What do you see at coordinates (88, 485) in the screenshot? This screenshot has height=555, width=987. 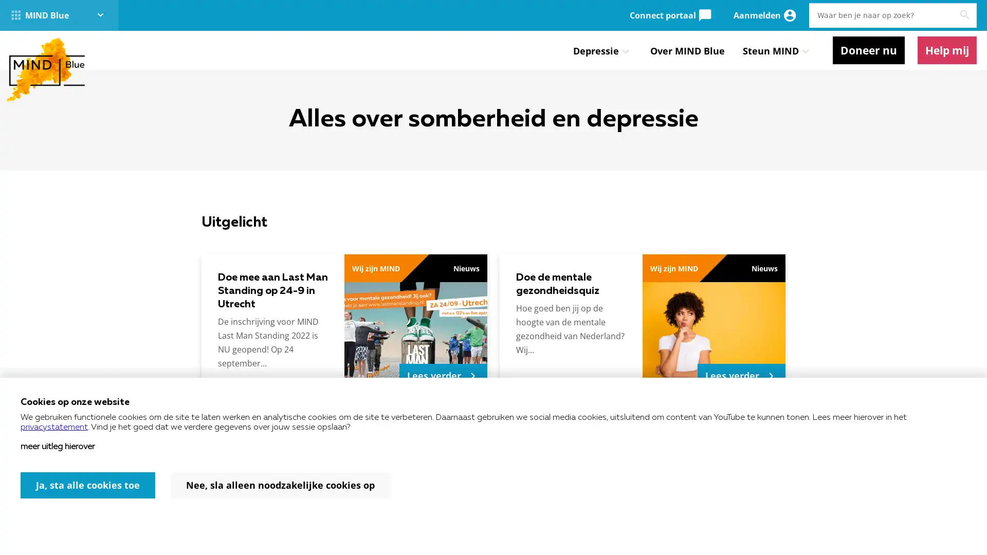 I see `Ja, sta alle cookies toe` at bounding box center [88, 485].